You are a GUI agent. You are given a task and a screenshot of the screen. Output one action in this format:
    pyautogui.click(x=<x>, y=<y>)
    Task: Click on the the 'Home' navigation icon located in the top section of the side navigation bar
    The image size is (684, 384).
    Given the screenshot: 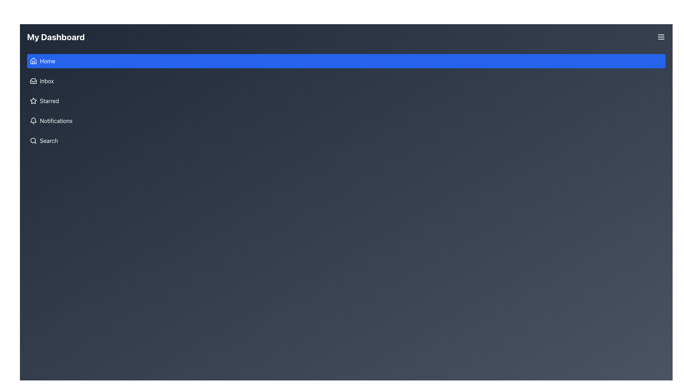 What is the action you would take?
    pyautogui.click(x=33, y=60)
    